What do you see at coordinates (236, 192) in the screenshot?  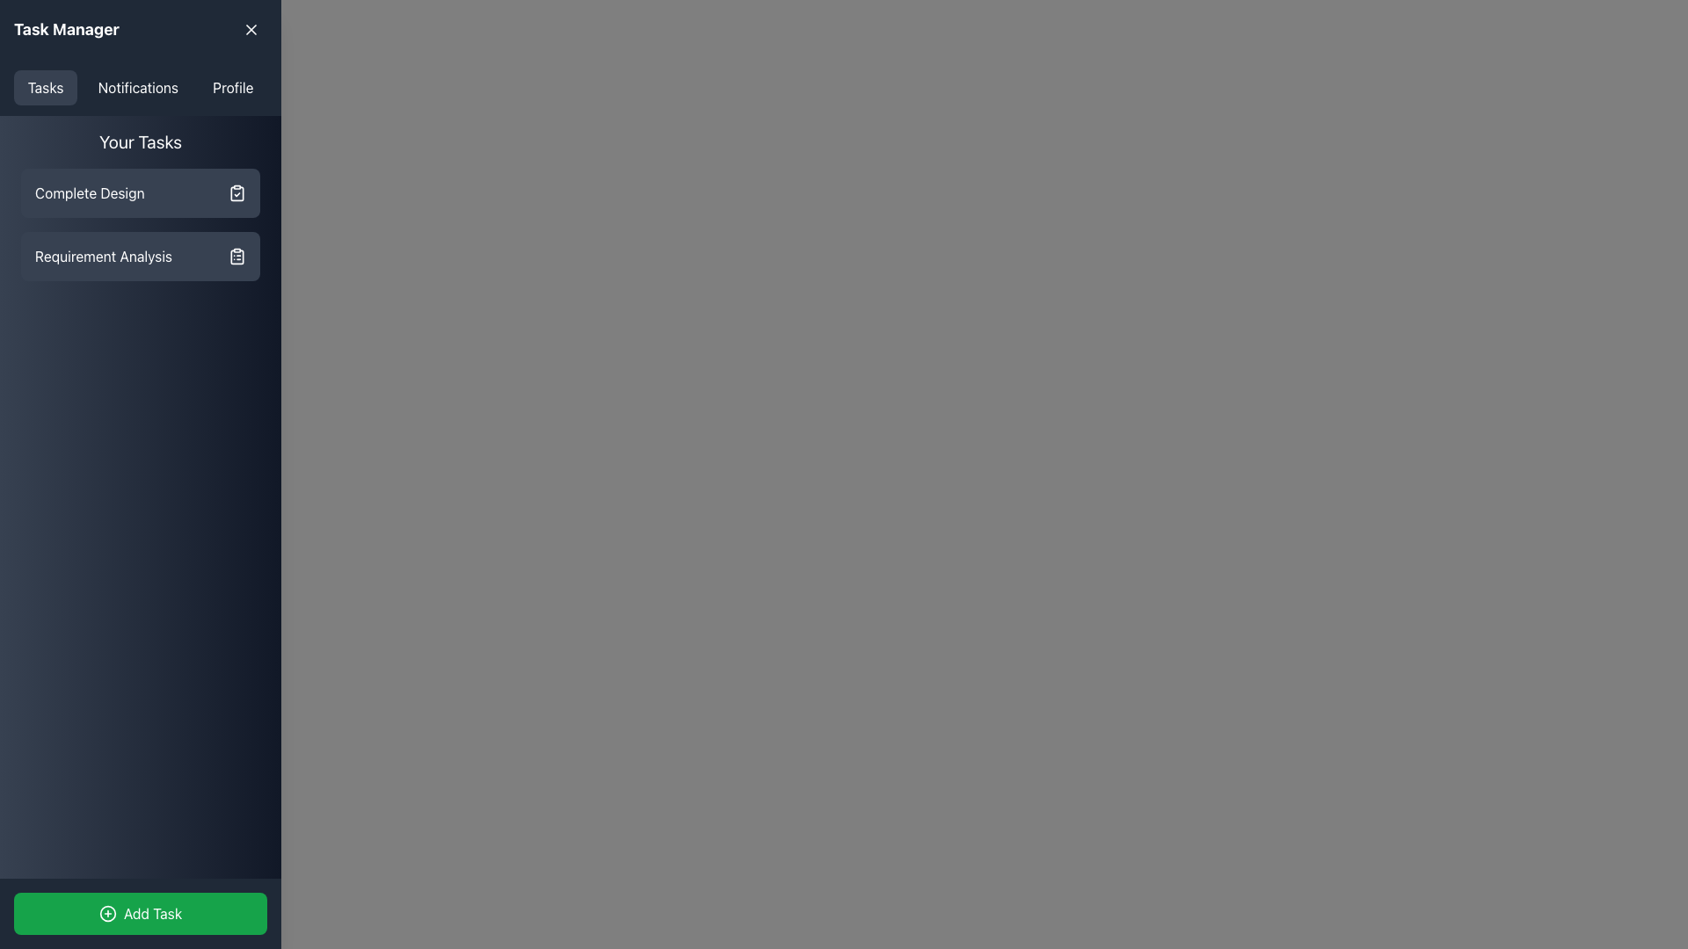 I see `the clipboard icon, which is a geometric icon with a transparent background and stroke-style illustration, located in the first task box under the 'Your Tasks' header` at bounding box center [236, 192].